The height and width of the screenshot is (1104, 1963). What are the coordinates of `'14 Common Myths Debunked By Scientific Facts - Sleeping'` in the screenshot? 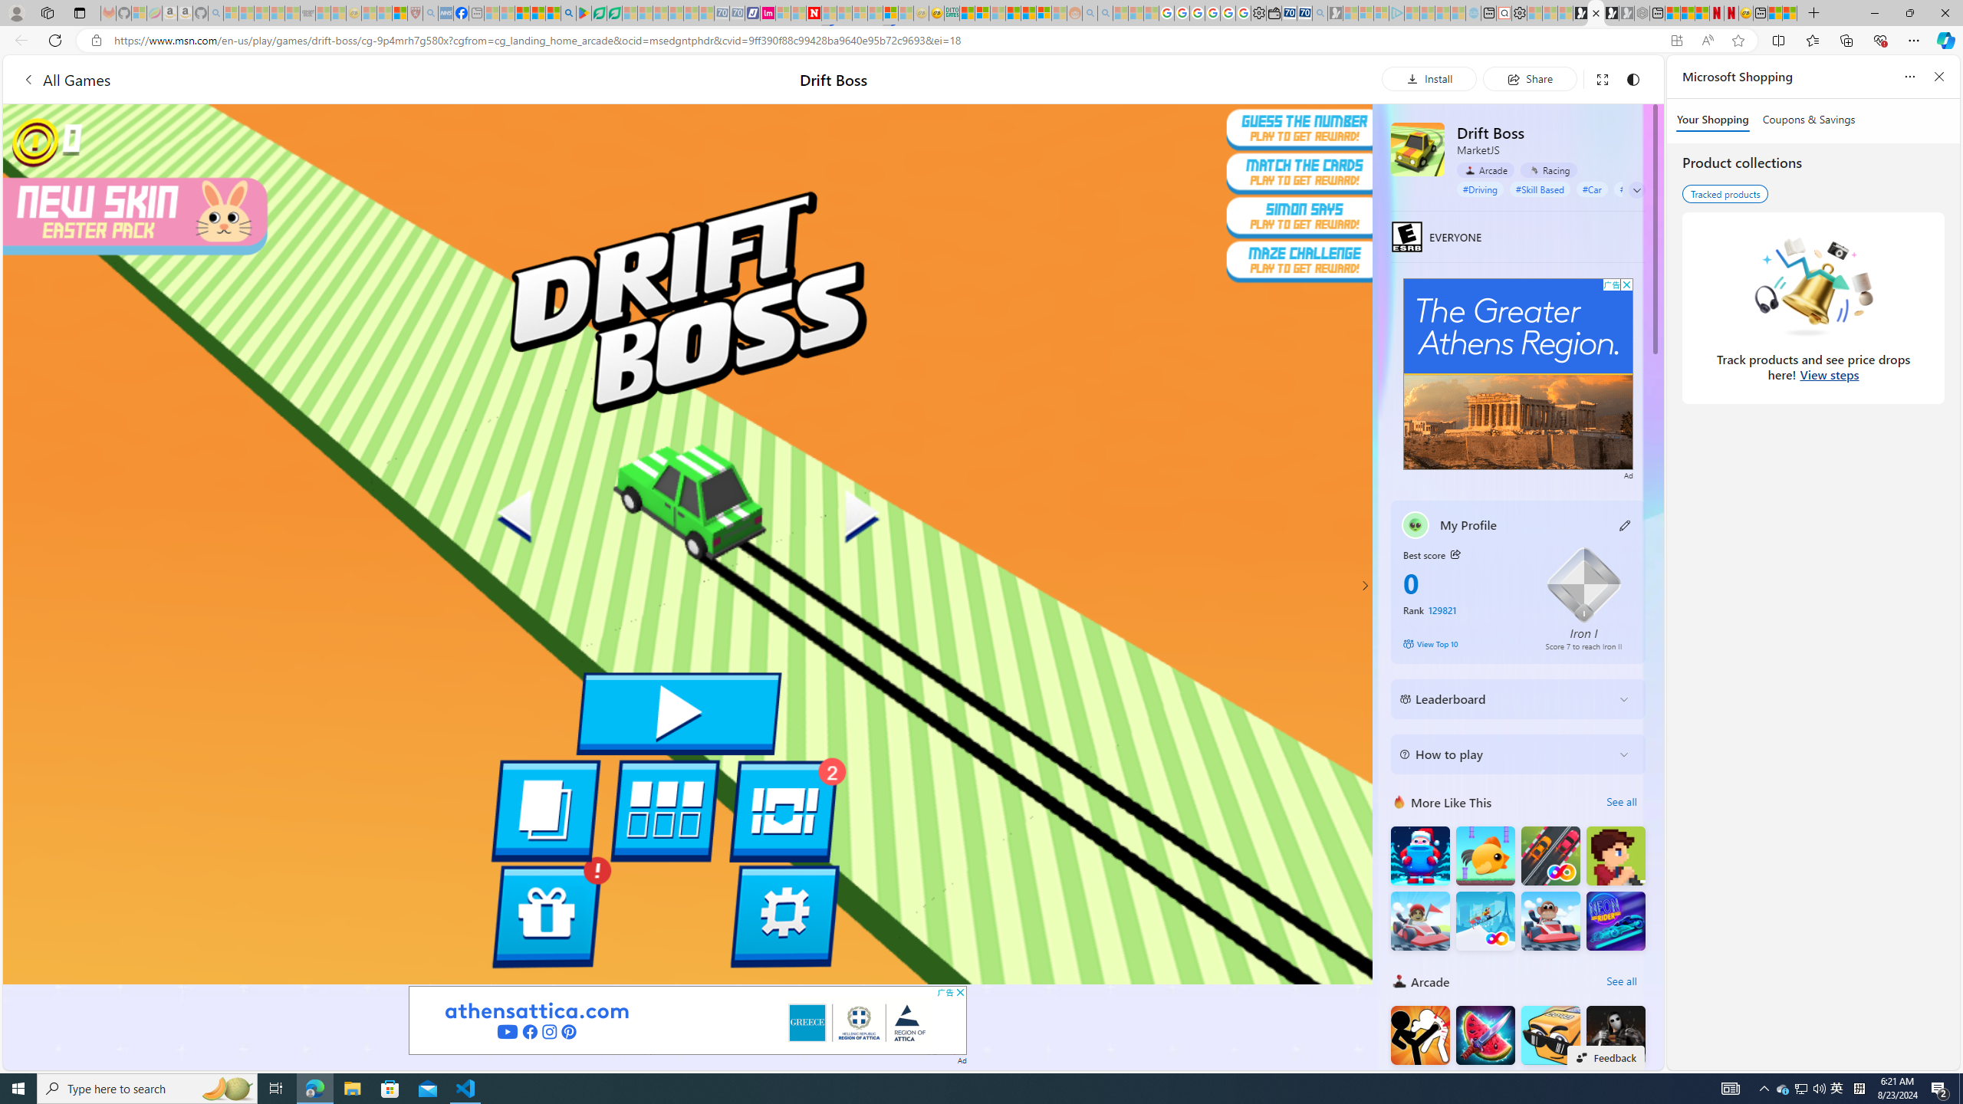 It's located at (844, 12).